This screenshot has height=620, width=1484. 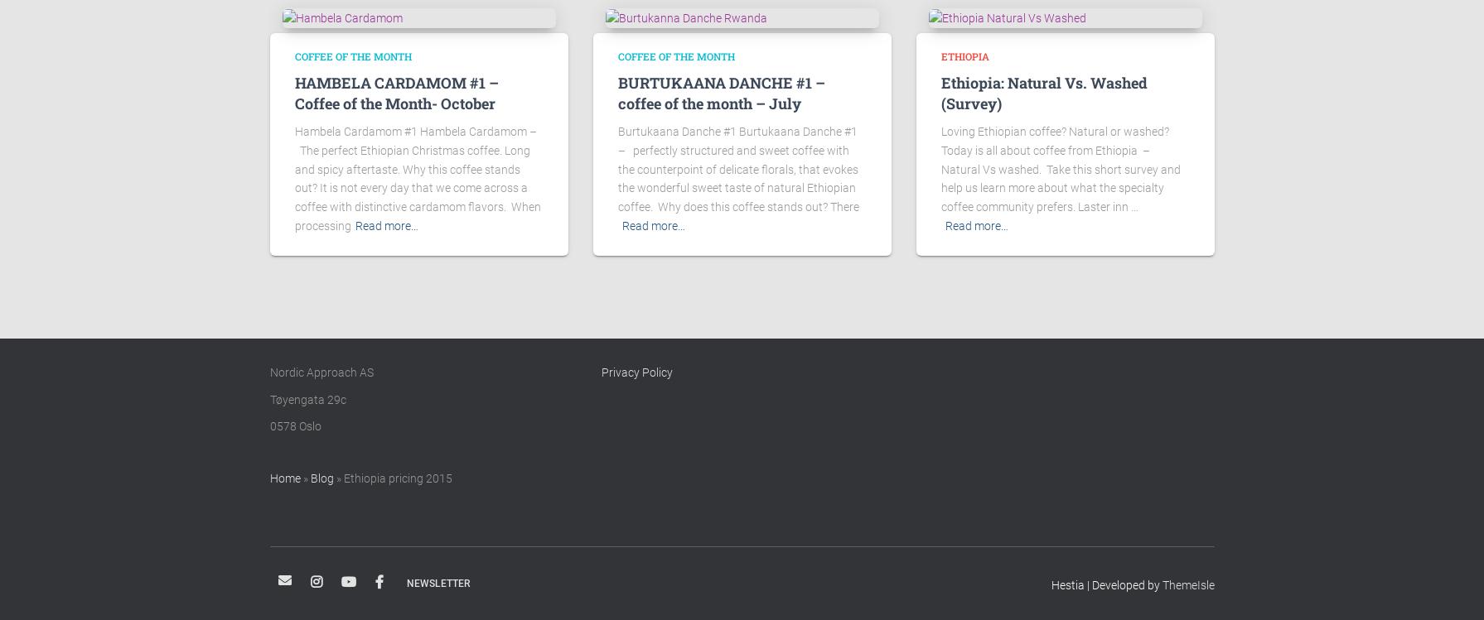 What do you see at coordinates (284, 478) in the screenshot?
I see `'Home'` at bounding box center [284, 478].